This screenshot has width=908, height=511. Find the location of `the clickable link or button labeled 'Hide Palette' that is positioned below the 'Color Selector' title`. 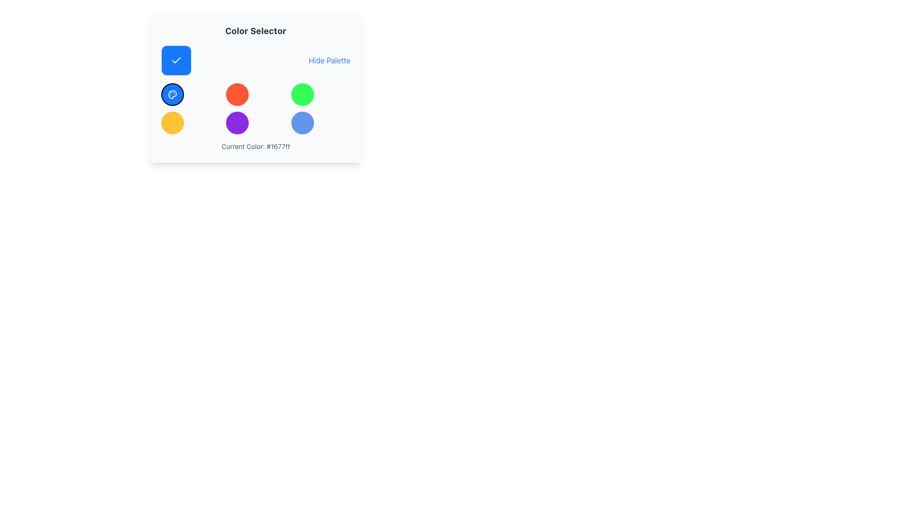

the clickable link or button labeled 'Hide Palette' that is positioned below the 'Color Selector' title is located at coordinates (256, 60).